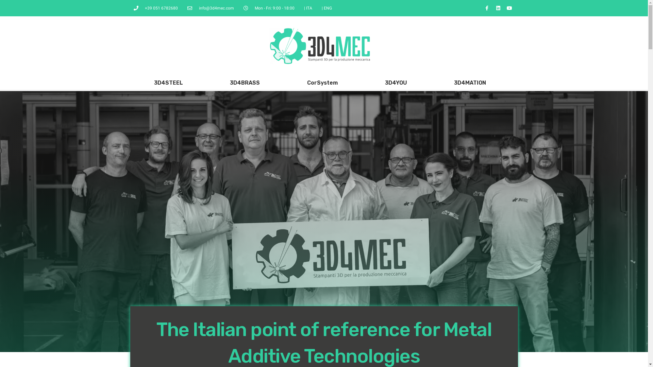 Image resolution: width=653 pixels, height=367 pixels. I want to click on '| ENG', so click(321, 8).